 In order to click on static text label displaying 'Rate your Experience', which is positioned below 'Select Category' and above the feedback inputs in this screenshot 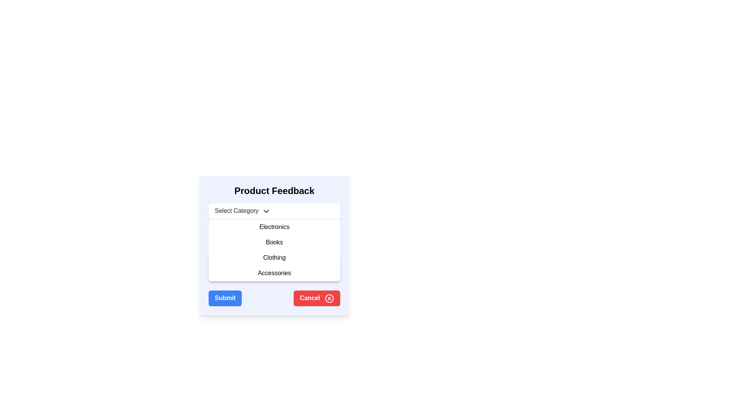, I will do `click(274, 230)`.